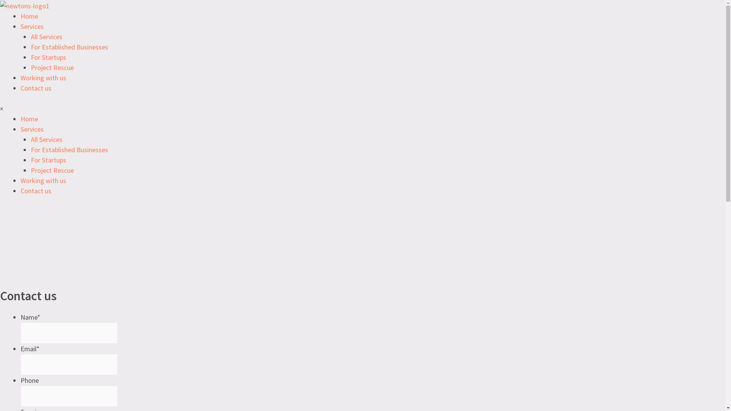  I want to click on 'Project Rescue', so click(52, 67).